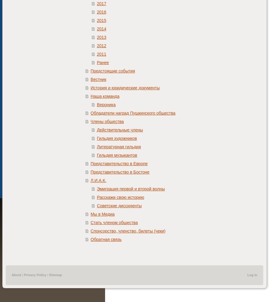 Image resolution: width=269 pixels, height=302 pixels. I want to click on '2012', so click(101, 45).